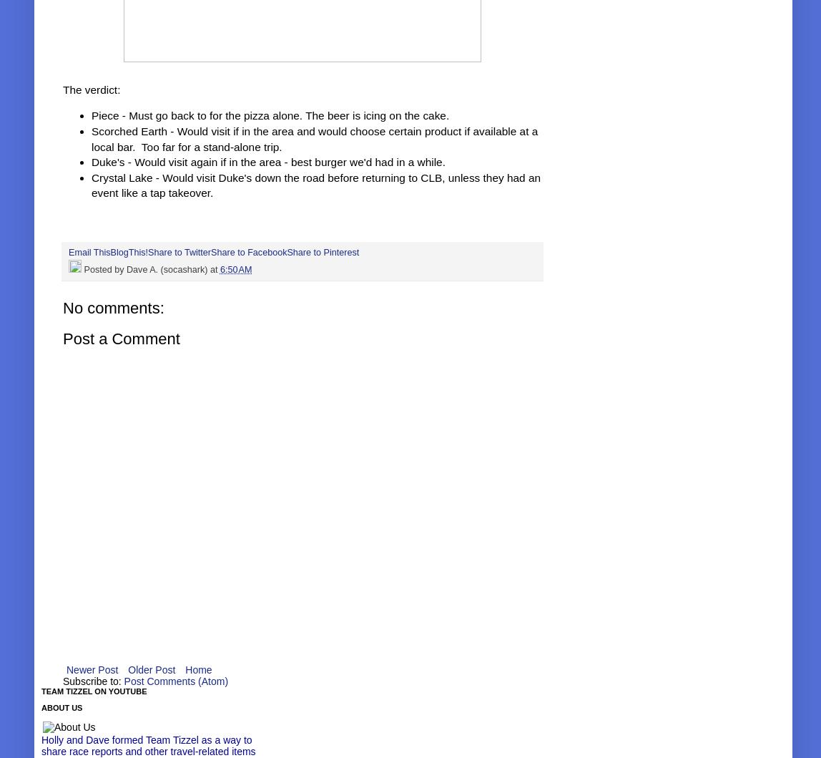 The height and width of the screenshot is (758, 821). I want to click on 'About Us', so click(62, 706).